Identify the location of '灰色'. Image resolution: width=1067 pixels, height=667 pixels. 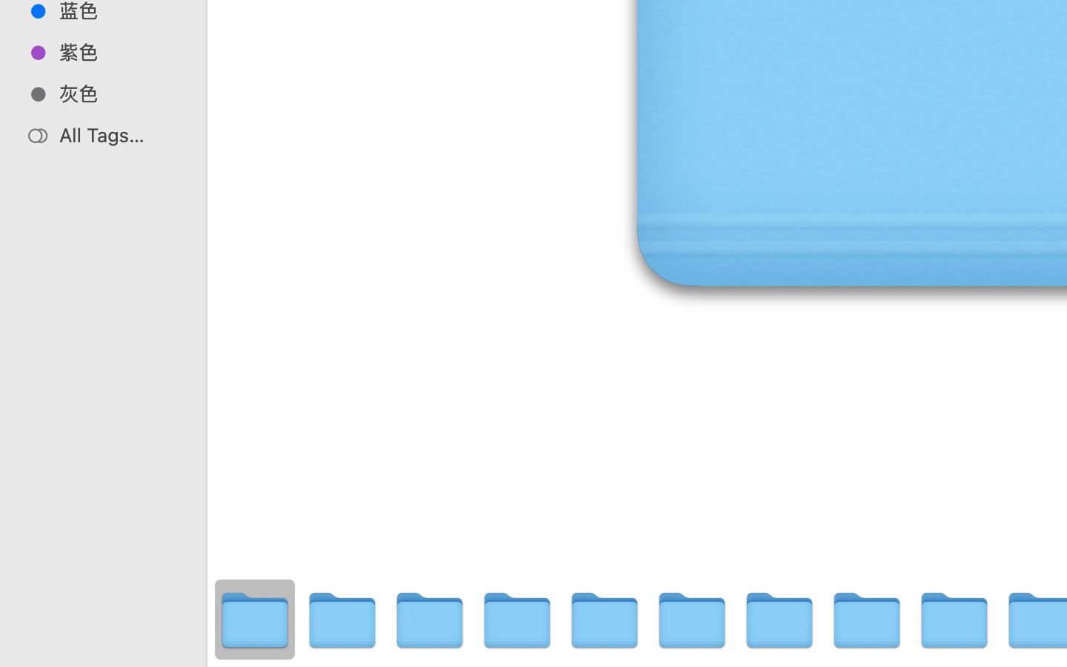
(118, 93).